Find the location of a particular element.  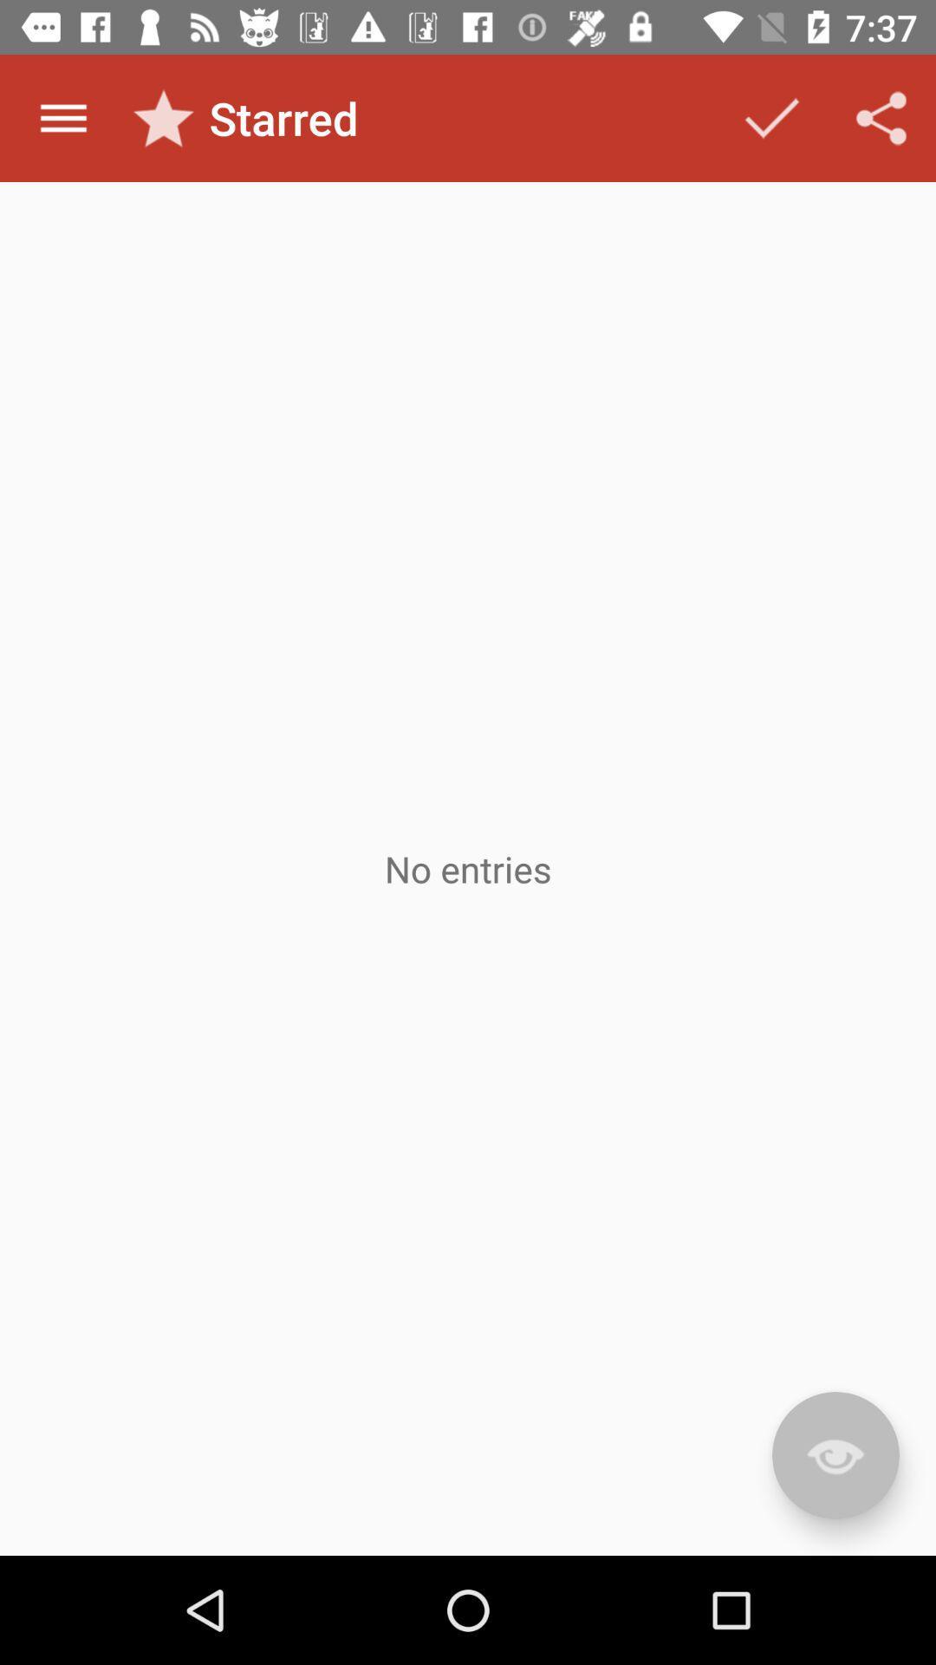

app above no entries item is located at coordinates (771, 117).